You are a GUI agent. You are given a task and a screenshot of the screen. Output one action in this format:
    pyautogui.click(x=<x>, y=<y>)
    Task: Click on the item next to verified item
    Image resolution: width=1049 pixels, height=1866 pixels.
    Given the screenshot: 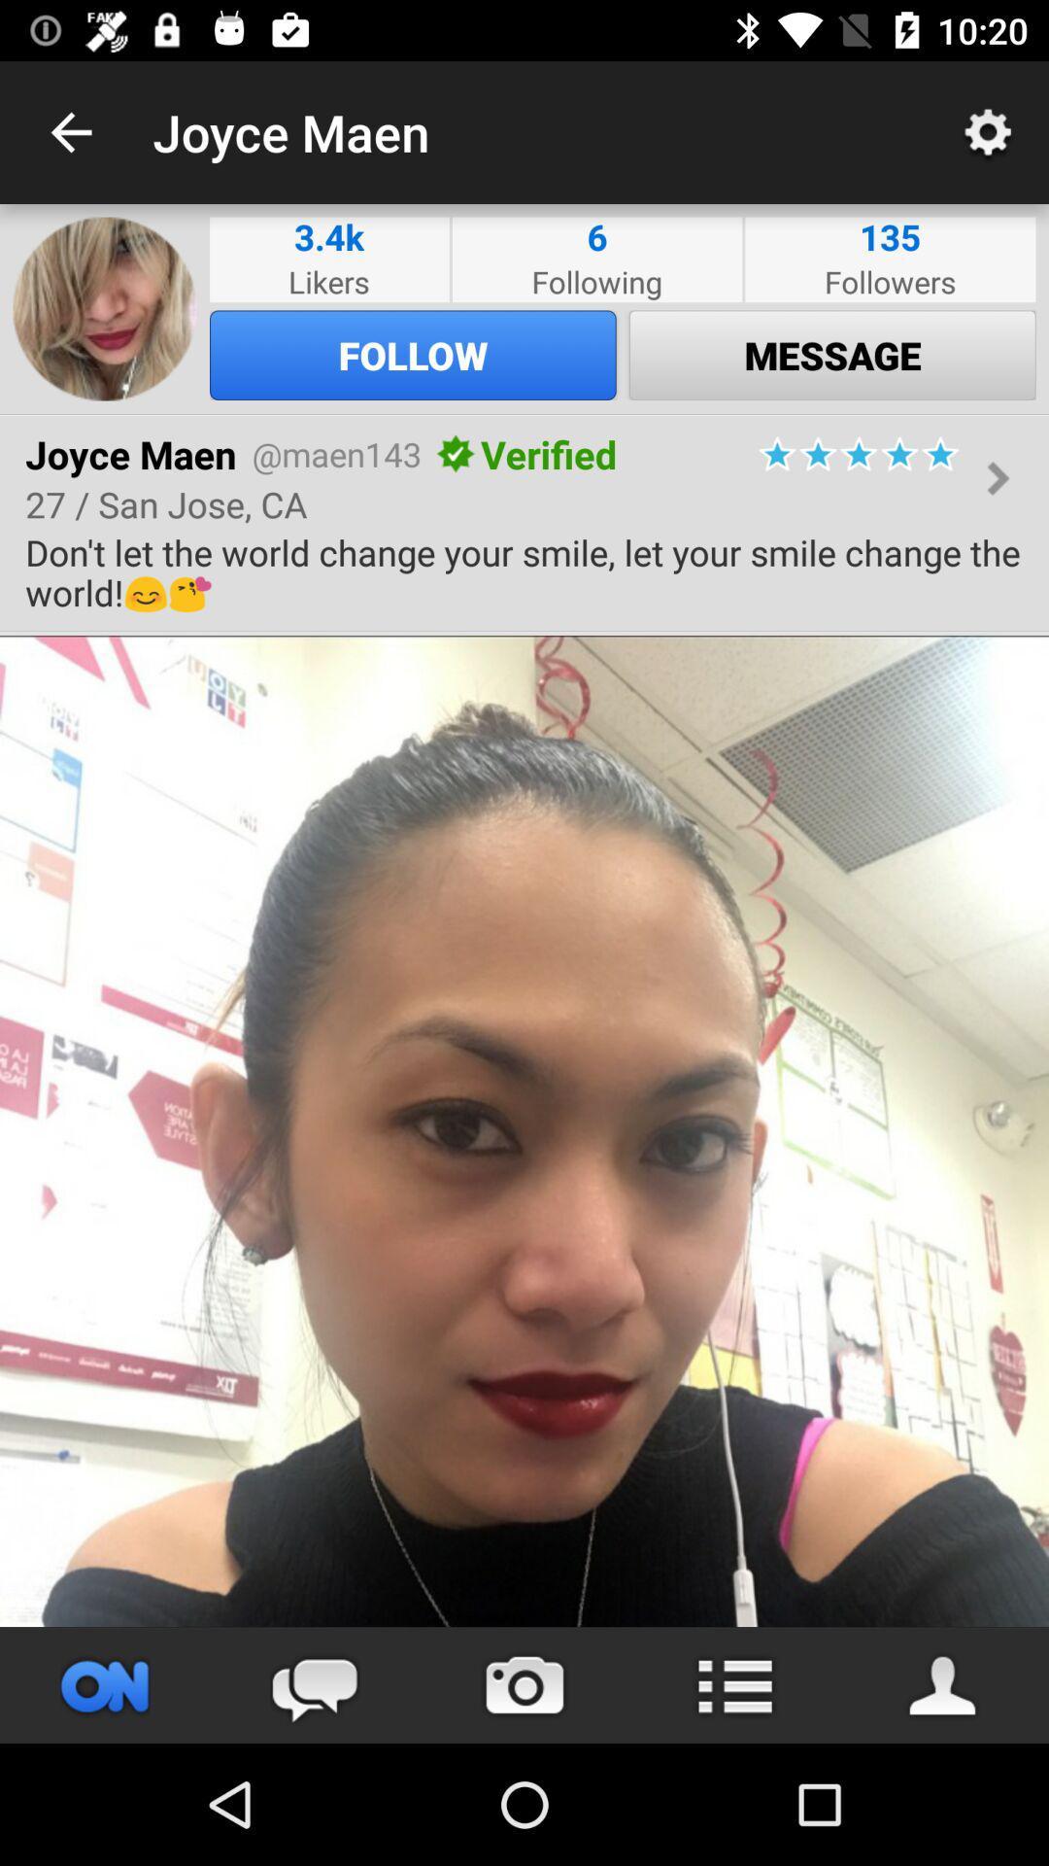 What is the action you would take?
    pyautogui.click(x=456, y=453)
    